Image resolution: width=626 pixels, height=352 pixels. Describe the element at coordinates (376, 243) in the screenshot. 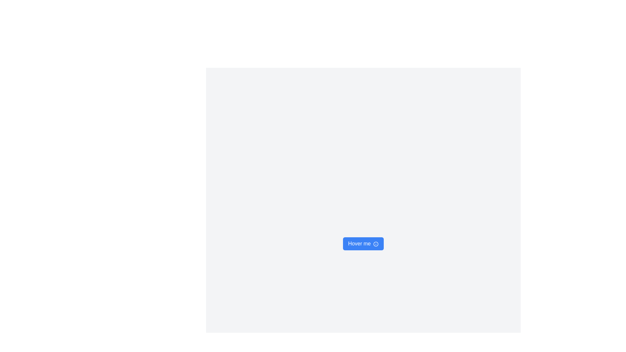

I see `the information icon located within the blue 'Hover me' button` at that location.